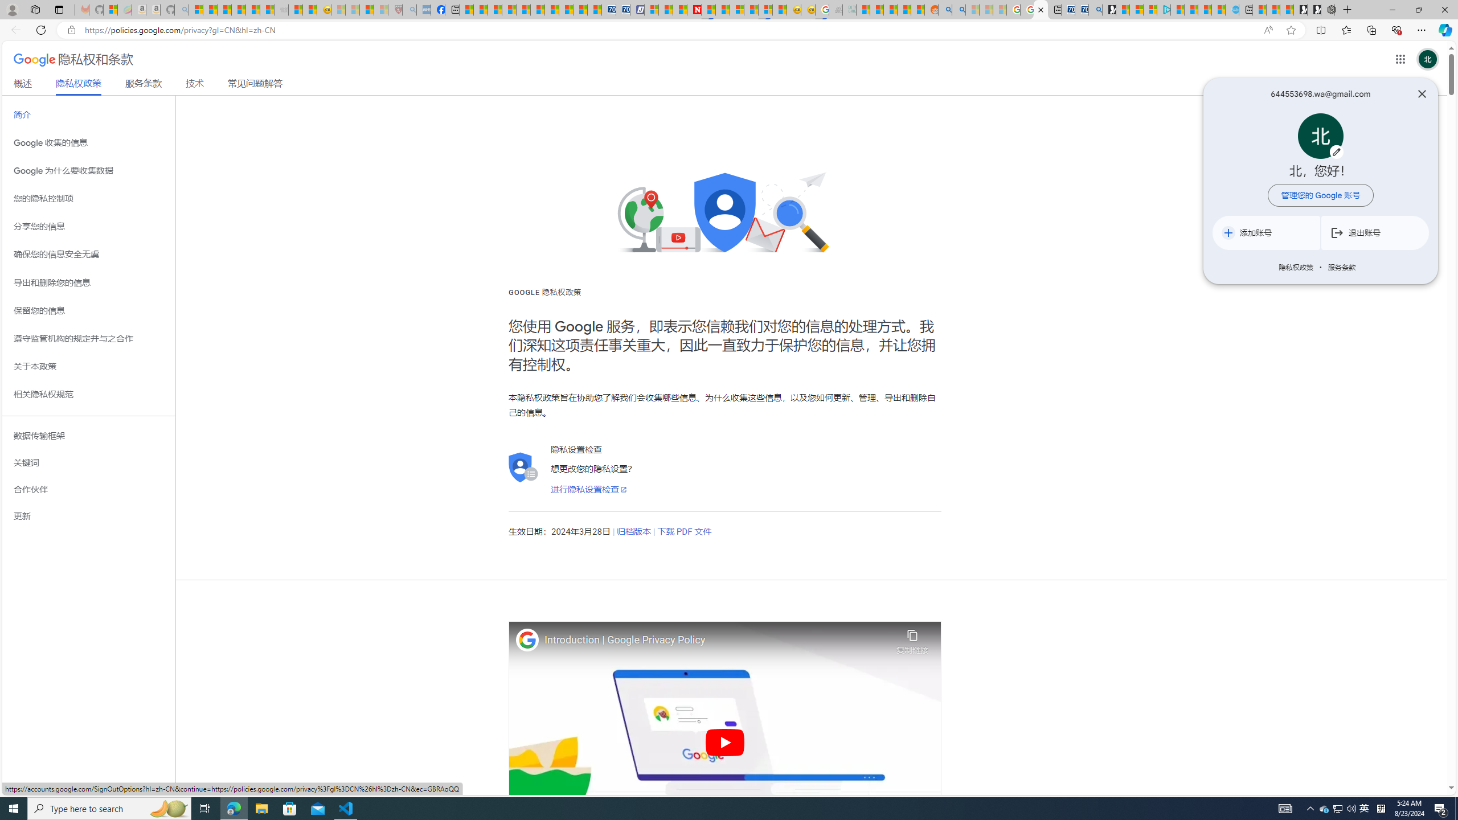  What do you see at coordinates (694, 9) in the screenshot?
I see `'Newsweek - News, Analysis, Politics, Business, Technology'` at bounding box center [694, 9].